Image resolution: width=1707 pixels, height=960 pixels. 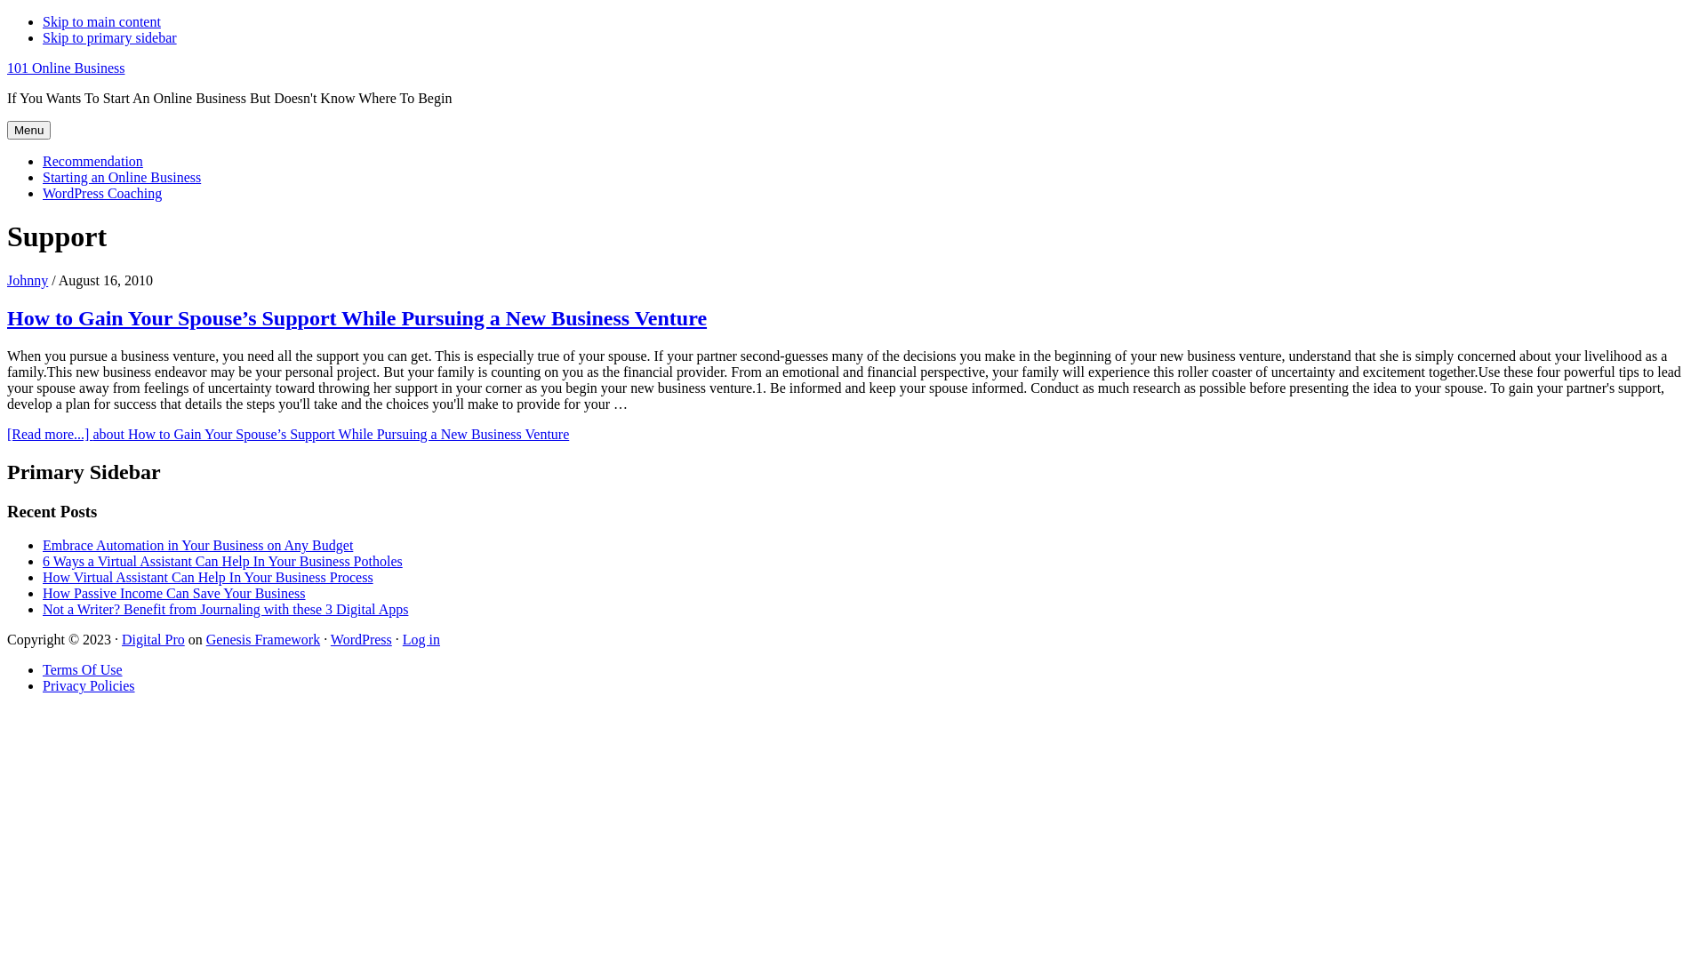 I want to click on 'Skip to primary sidebar', so click(x=108, y=37).